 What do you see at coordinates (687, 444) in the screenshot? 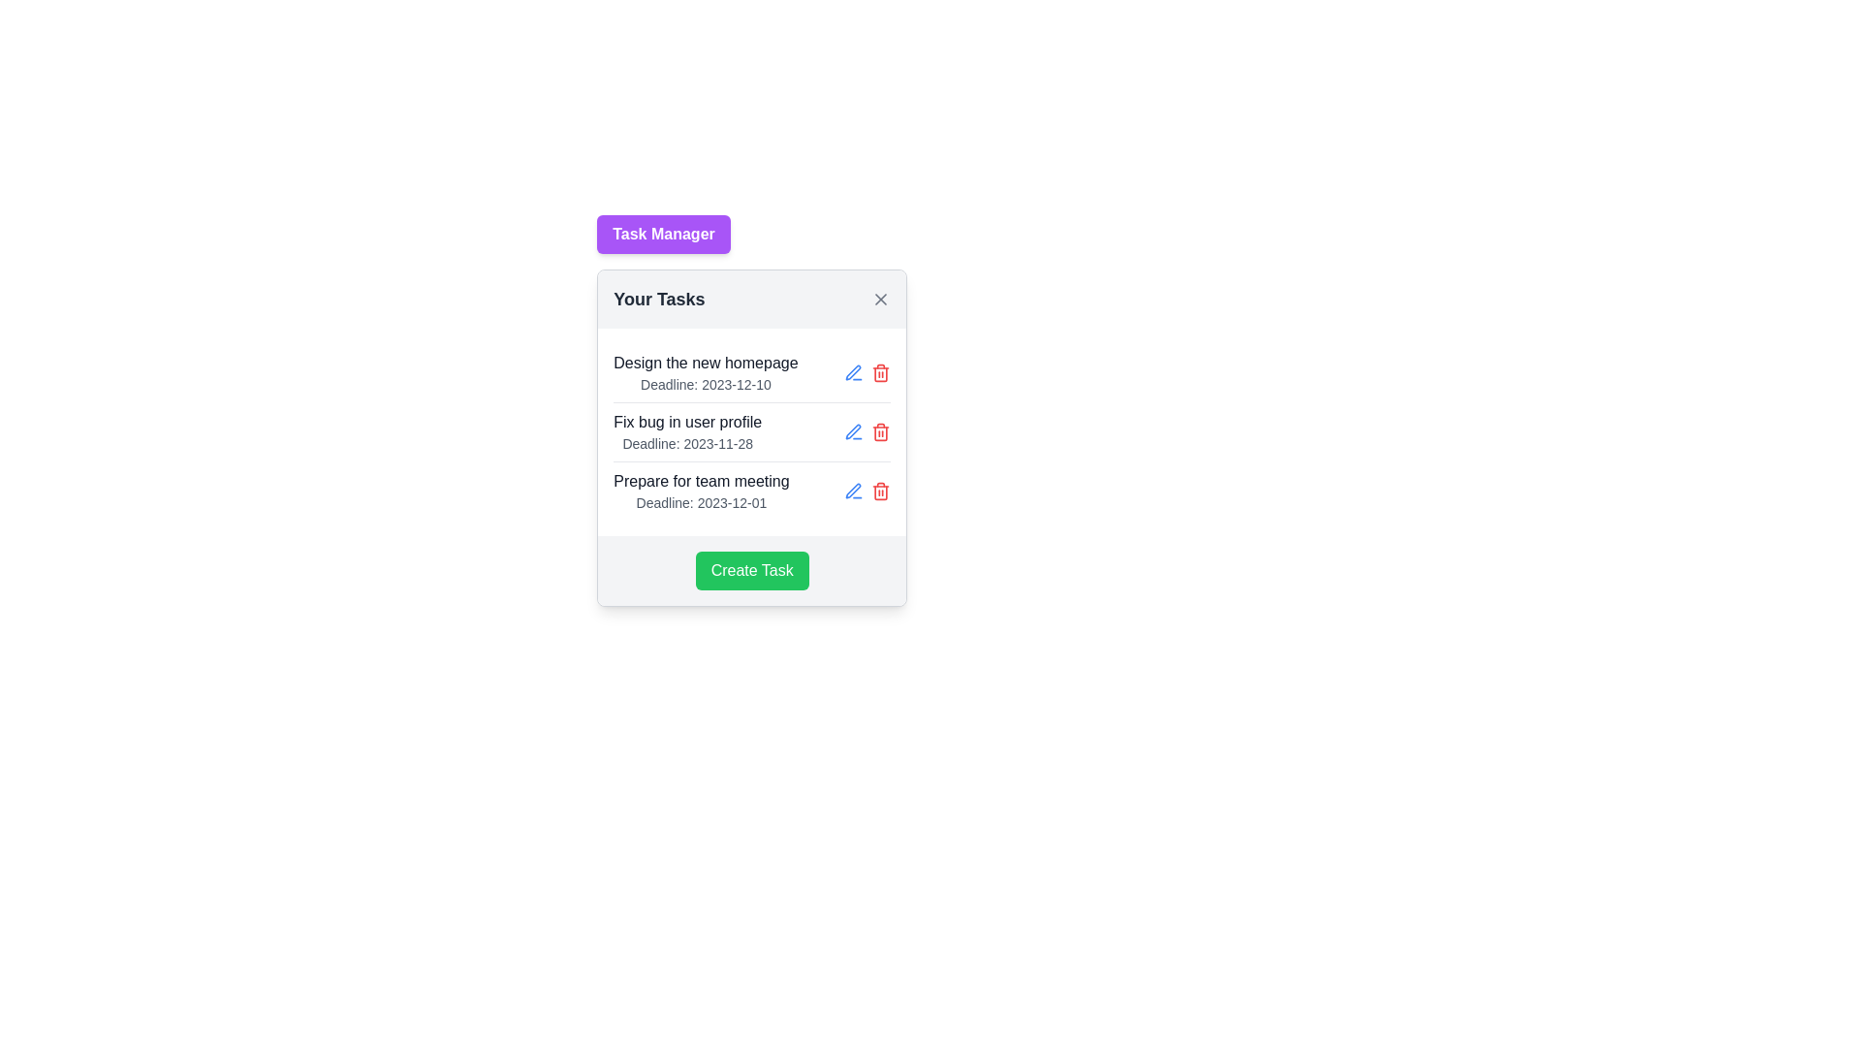
I see `the text label displaying 'Deadline: 2023-11-28', which is positioned below the title 'Fix bug in user profile' in the task list interface` at bounding box center [687, 444].